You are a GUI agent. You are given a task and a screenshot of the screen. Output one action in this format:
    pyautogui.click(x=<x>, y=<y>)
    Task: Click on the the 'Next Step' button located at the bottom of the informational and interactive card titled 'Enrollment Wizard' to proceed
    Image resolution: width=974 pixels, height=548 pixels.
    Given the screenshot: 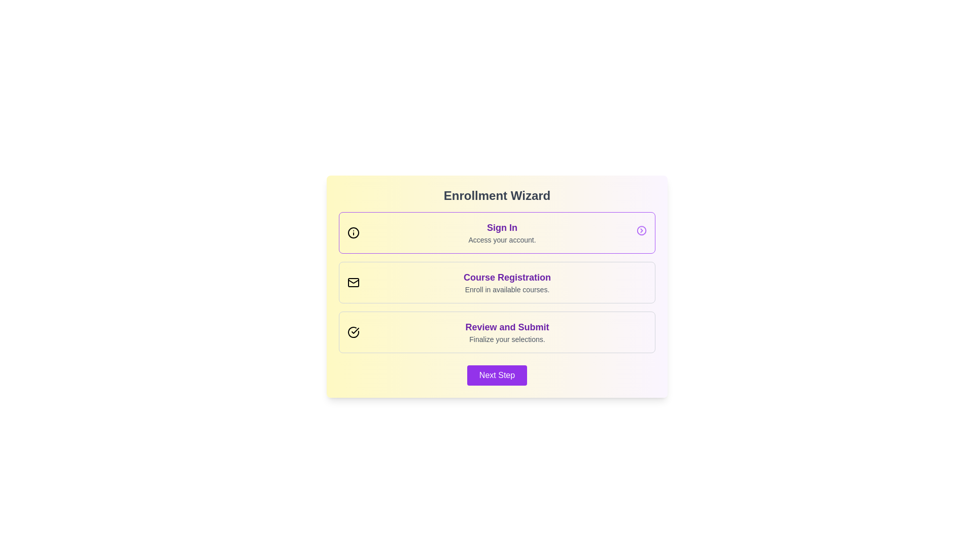 What is the action you would take?
    pyautogui.click(x=497, y=286)
    